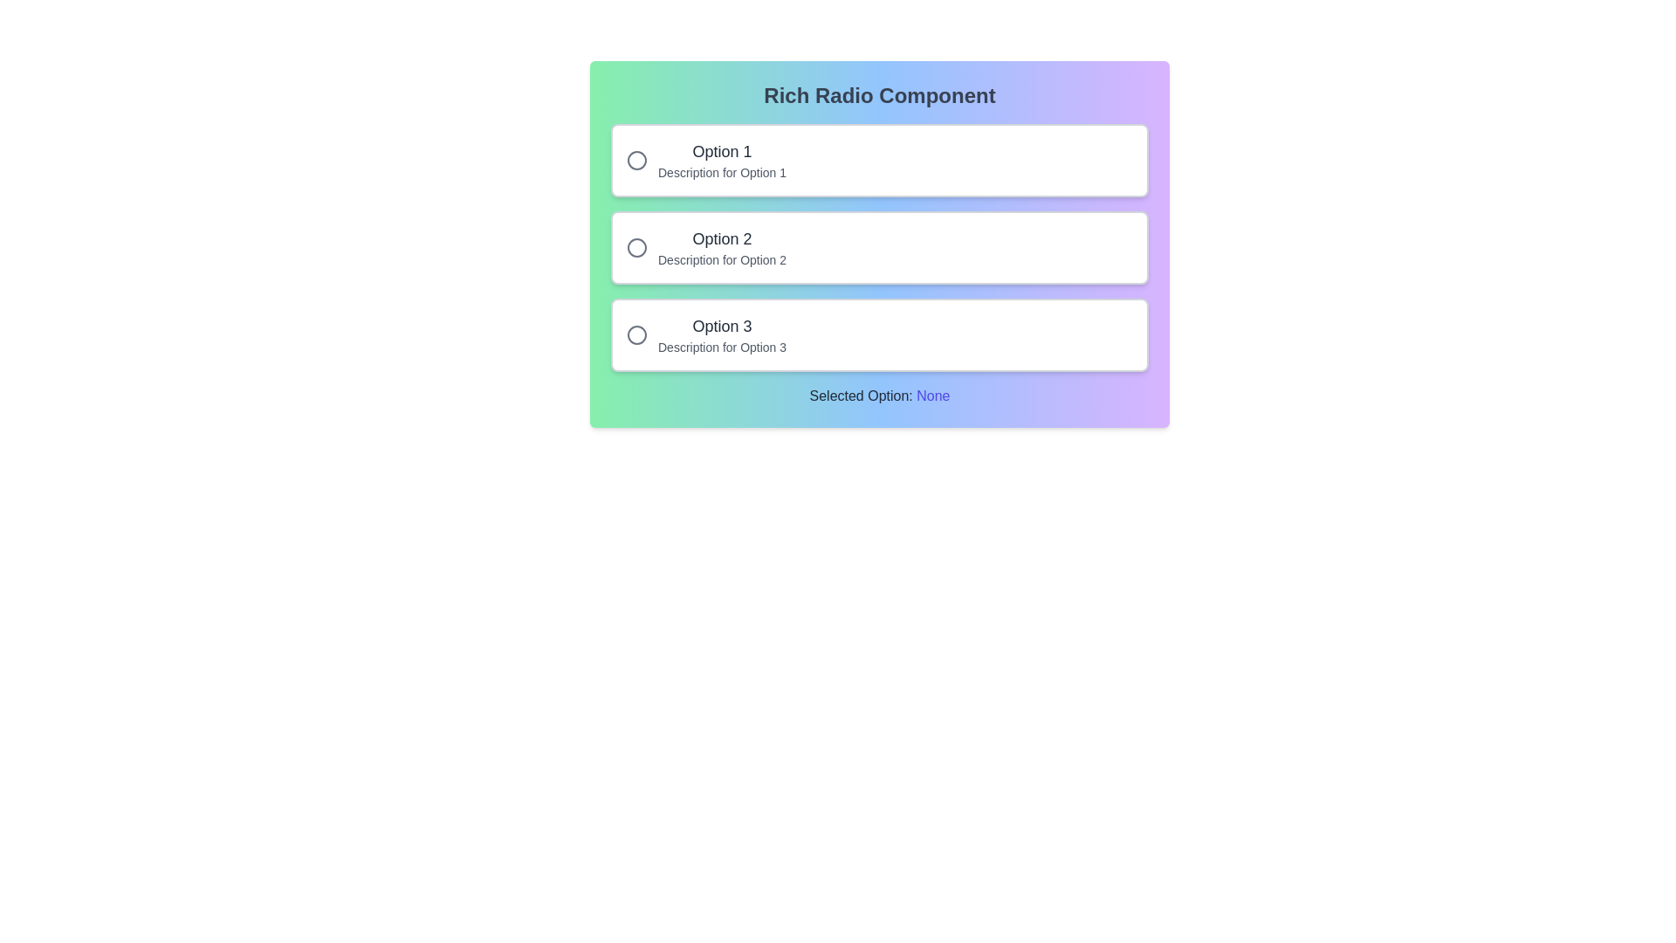 This screenshot has height=943, width=1676. Describe the element at coordinates (932, 396) in the screenshot. I see `the text label displaying the current selection status, which shows 'None' as part of the phrase 'Selected Option: None'` at that location.